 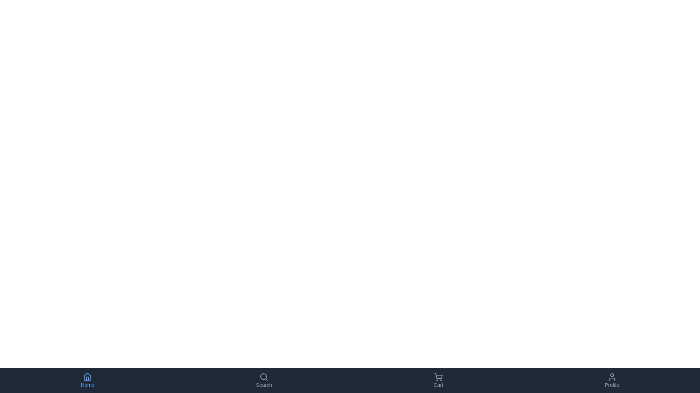 What do you see at coordinates (438, 384) in the screenshot?
I see `the gray text label reading 'Cart' located at the bottom-right corner of the navigation area with a dark background` at bounding box center [438, 384].